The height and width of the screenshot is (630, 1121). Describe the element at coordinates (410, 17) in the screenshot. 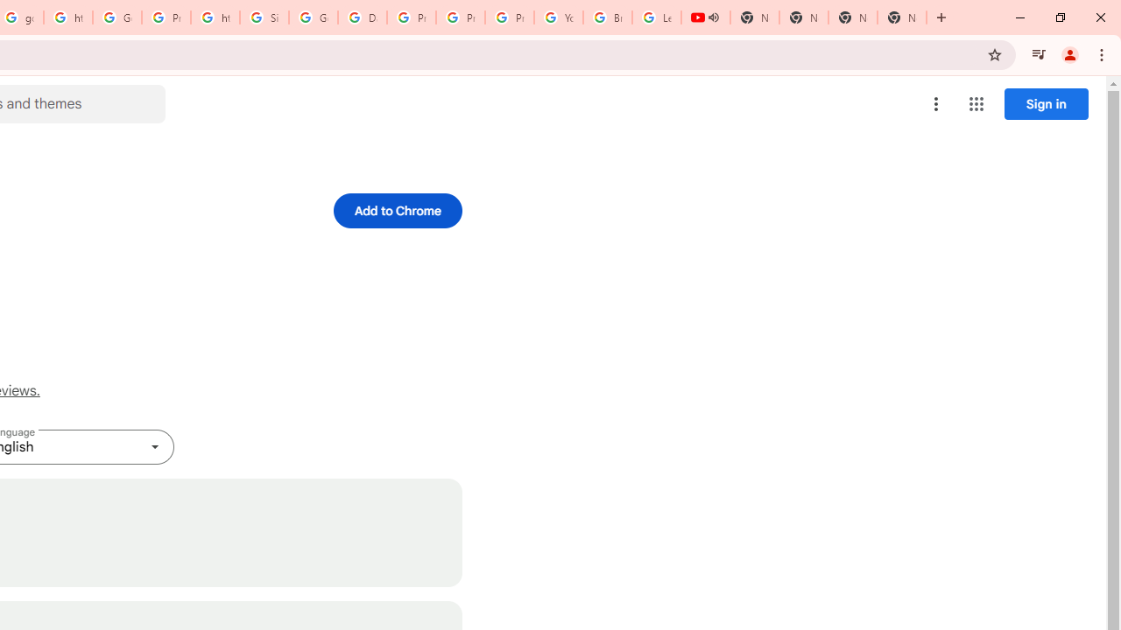

I see `'Privacy Help Center - Policies Help'` at that location.